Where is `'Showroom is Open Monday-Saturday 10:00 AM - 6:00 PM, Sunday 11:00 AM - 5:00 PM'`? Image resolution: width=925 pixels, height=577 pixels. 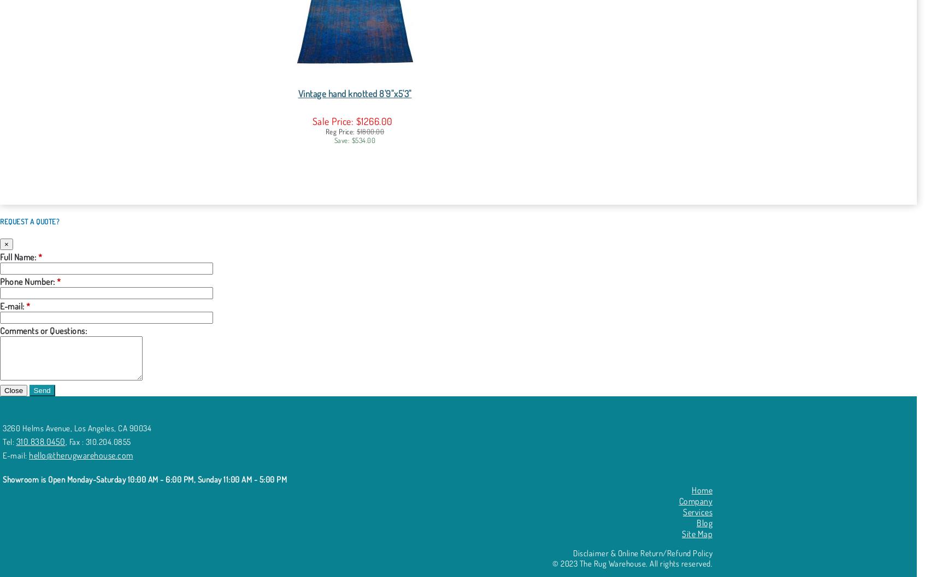 'Showroom is Open Monday-Saturday 10:00 AM - 6:00 PM, Sunday 11:00 AM - 5:00 PM' is located at coordinates (144, 479).